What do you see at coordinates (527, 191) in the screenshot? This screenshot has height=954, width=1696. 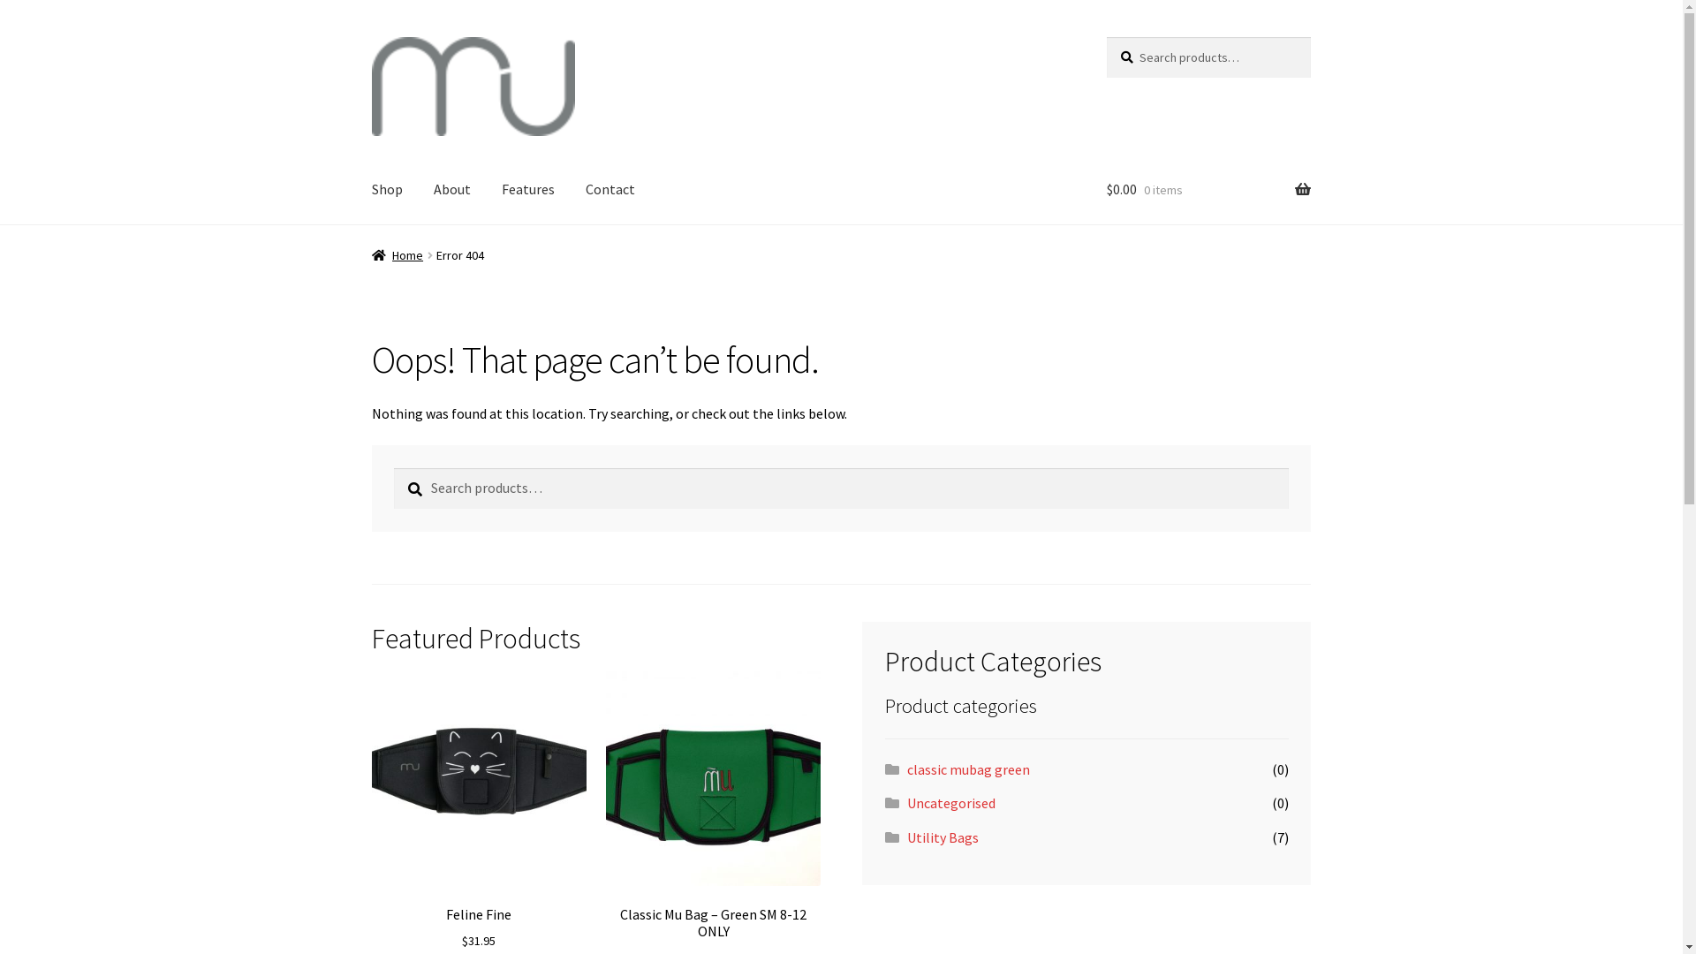 I see `'Features'` at bounding box center [527, 191].